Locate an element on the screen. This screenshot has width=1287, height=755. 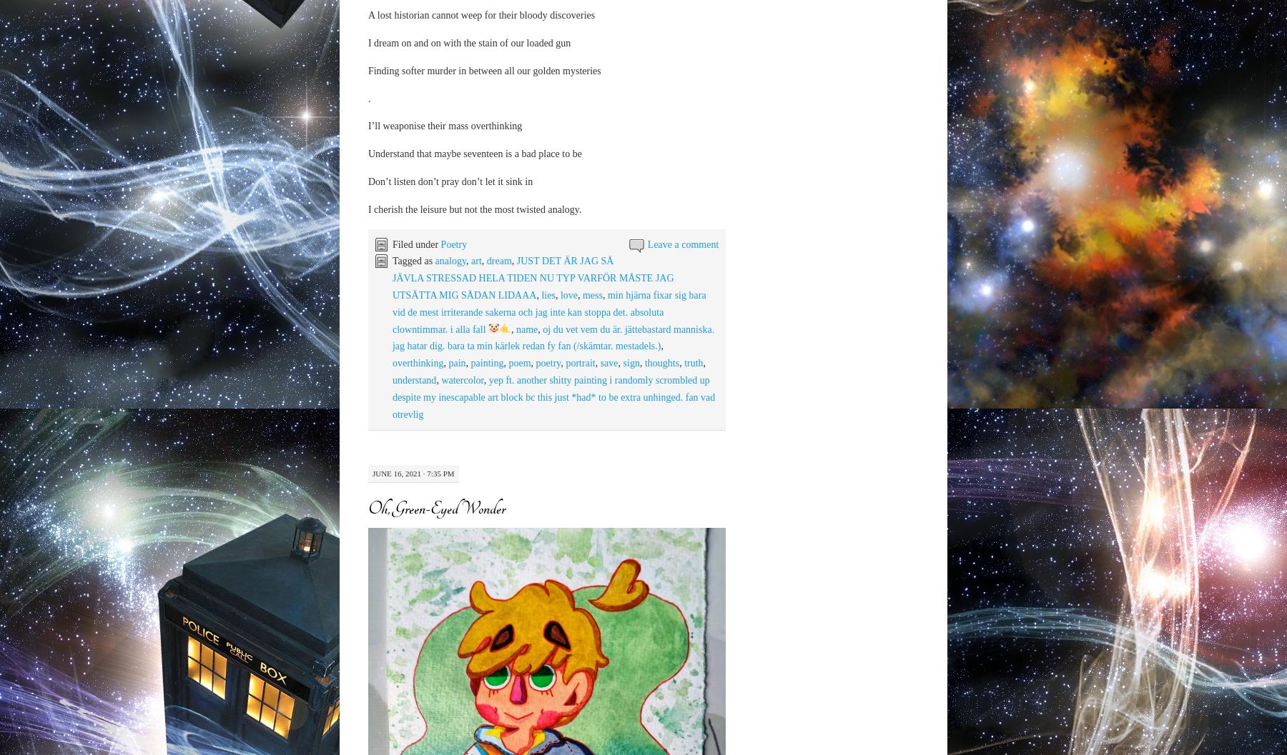
'min hjärna fixar sig bara vid de mest irriterande sakerna och jag inte kan stoppa det. absoluta clowntimmar. i alla fall' is located at coordinates (390, 311).